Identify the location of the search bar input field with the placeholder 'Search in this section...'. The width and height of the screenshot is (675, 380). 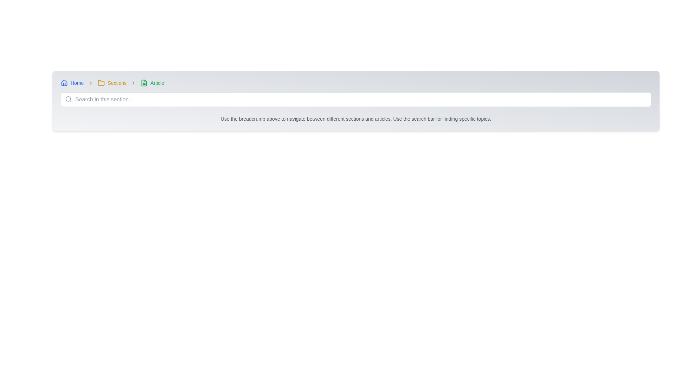
(356, 99).